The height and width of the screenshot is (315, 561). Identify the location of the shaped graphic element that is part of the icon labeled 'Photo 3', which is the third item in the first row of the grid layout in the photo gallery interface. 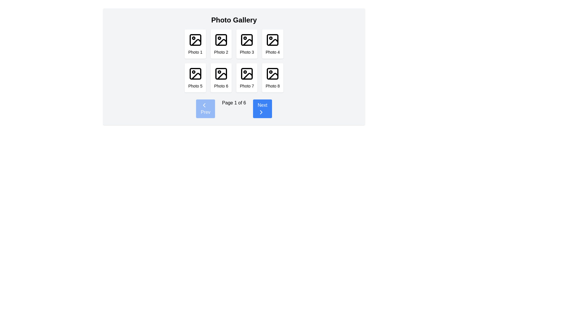
(247, 40).